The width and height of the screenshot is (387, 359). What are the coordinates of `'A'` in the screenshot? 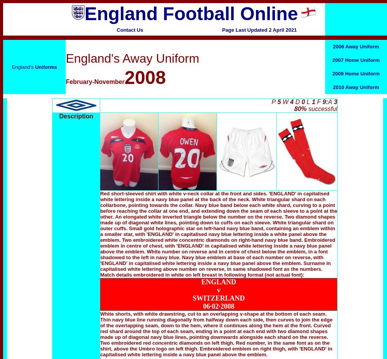 It's located at (329, 101).